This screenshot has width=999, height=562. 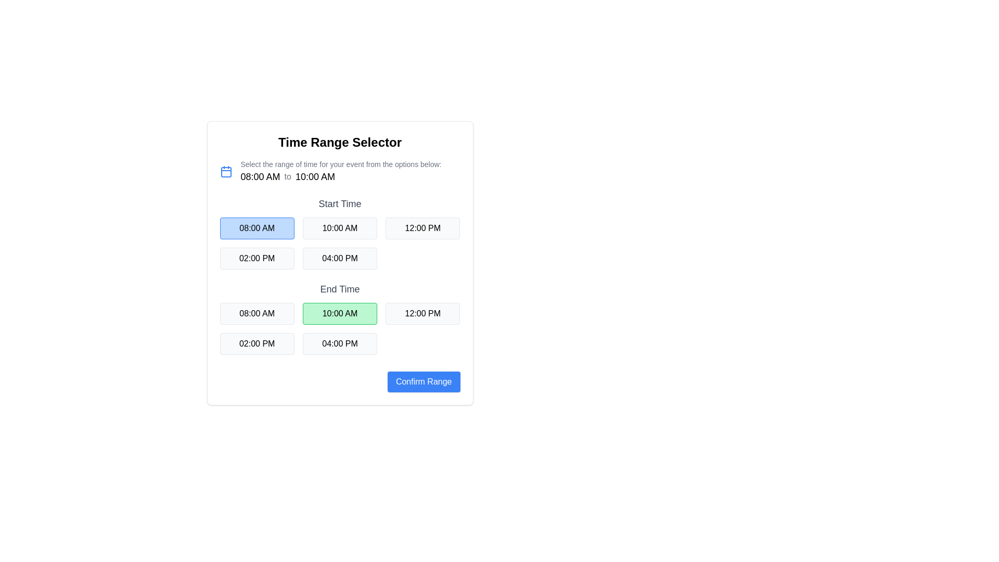 What do you see at coordinates (260, 176) in the screenshot?
I see `the text element displaying '08:00 AM', which is bold and larger, located at the upper section of the interface within the Time Range Selector group` at bounding box center [260, 176].